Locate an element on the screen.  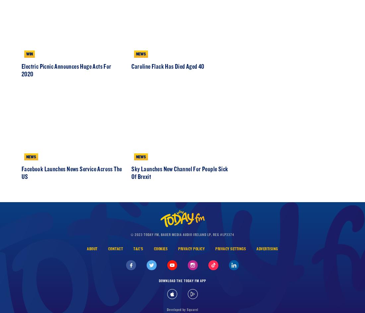
'Facebook Launches News Service Across The US' is located at coordinates (72, 200).